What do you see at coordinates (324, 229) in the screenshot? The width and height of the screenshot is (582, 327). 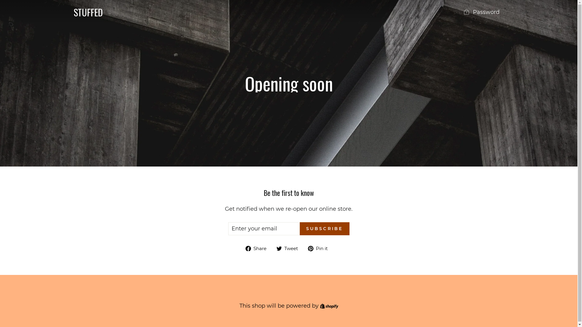 I see `'SUBSCRIBE'` at bounding box center [324, 229].